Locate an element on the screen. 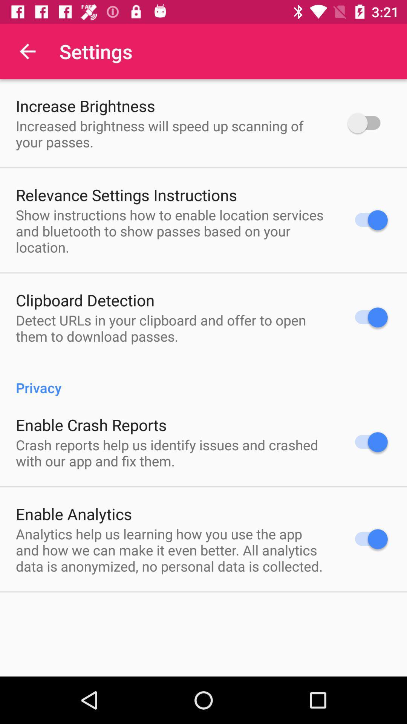 This screenshot has width=407, height=724. the item above detect urls in icon is located at coordinates (85, 299).